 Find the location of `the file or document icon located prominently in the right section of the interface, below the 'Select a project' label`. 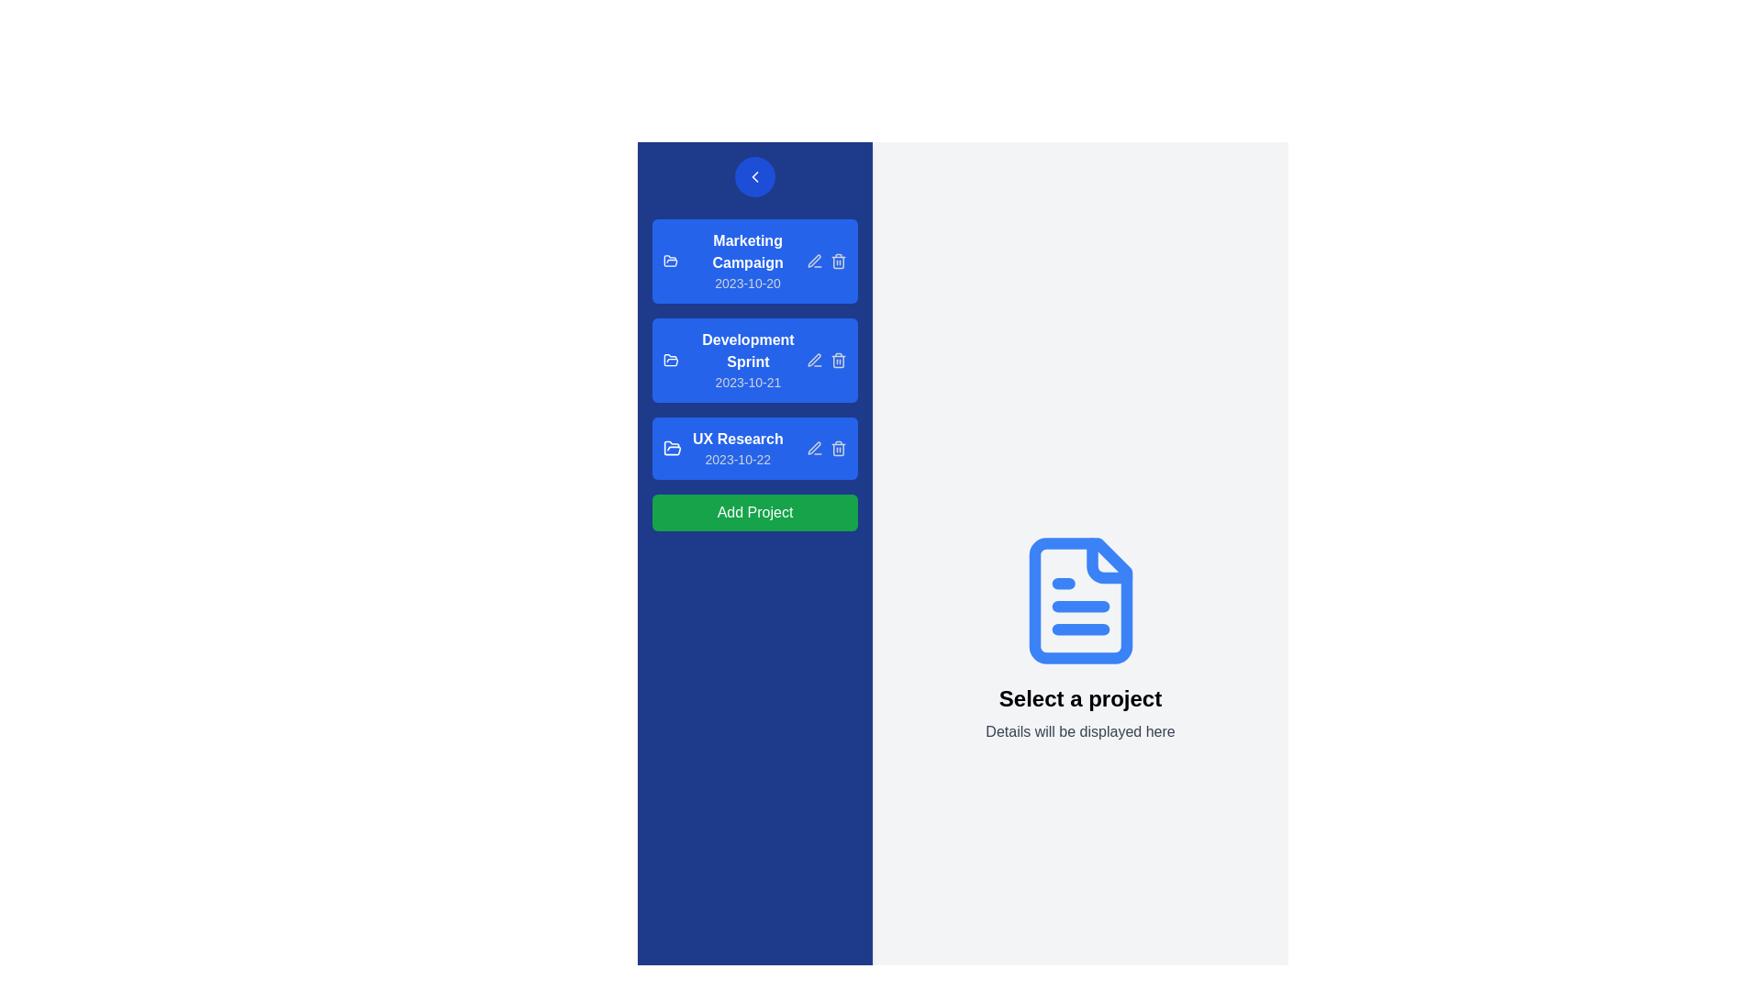

the file or document icon located prominently in the right section of the interface, below the 'Select a project' label is located at coordinates (1080, 601).